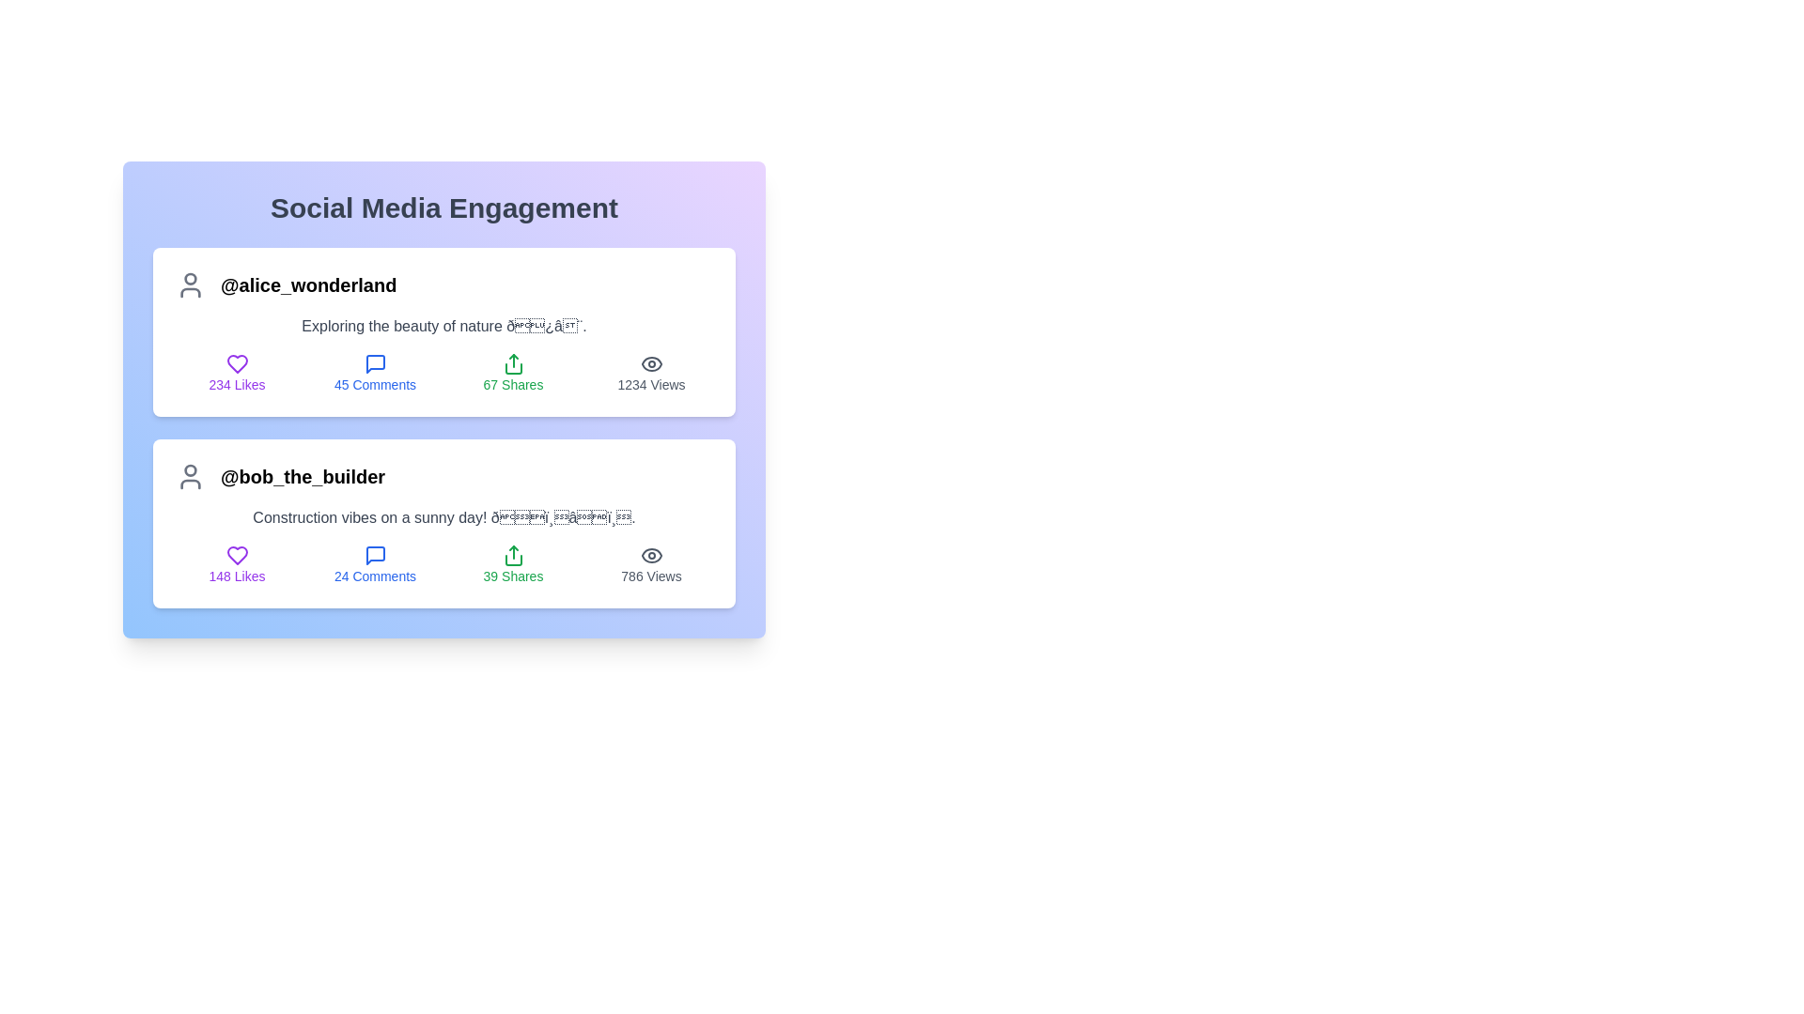  I want to click on the heart icon with a purple outline representing the 'like' functionality next to the likes count for the user '@alice_wonderland', so click(236, 364).